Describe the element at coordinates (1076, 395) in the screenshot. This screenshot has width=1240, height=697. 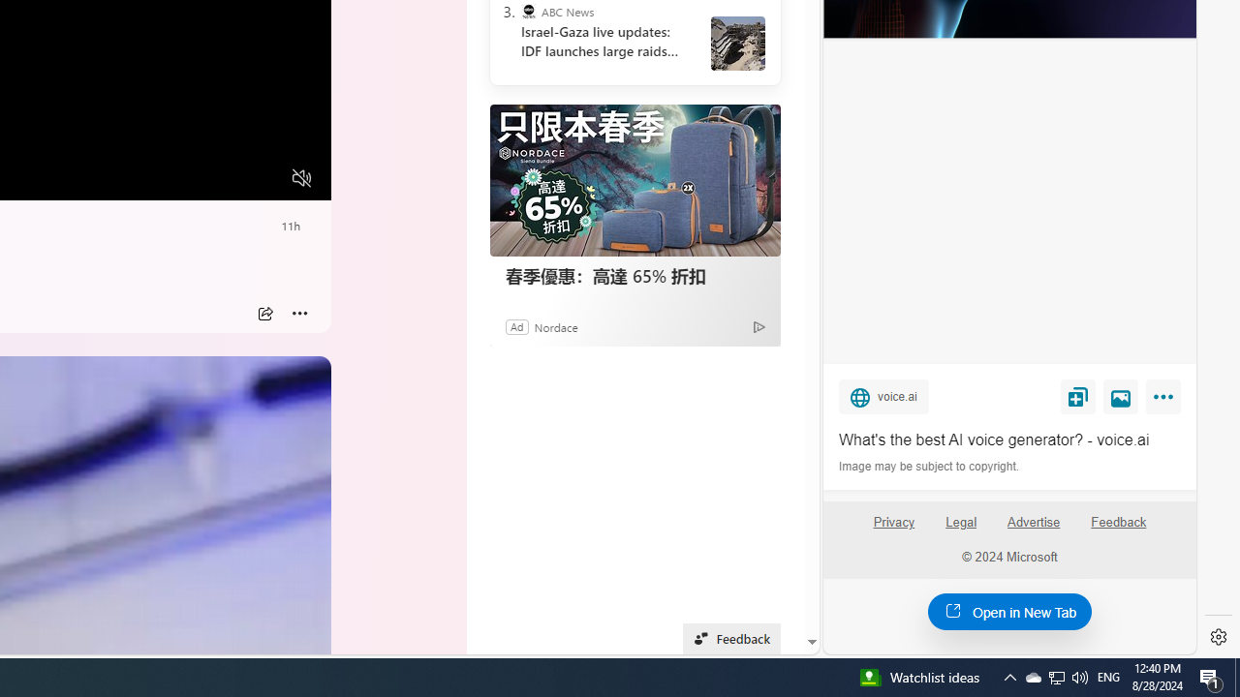
I see `'Save'` at that location.